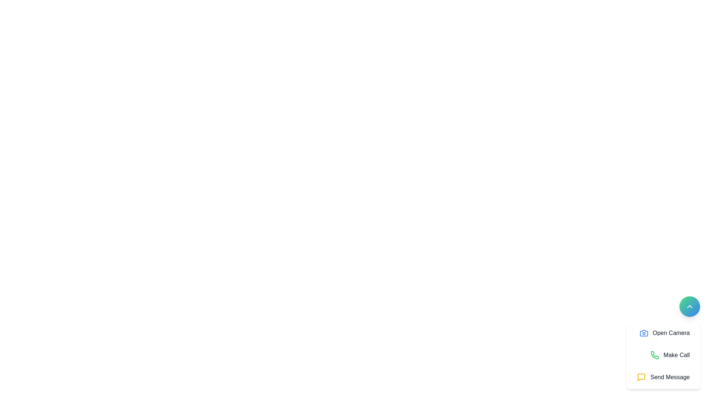 The height and width of the screenshot is (398, 709). Describe the element at coordinates (654, 355) in the screenshot. I see `the 'Make Call' icon` at that location.